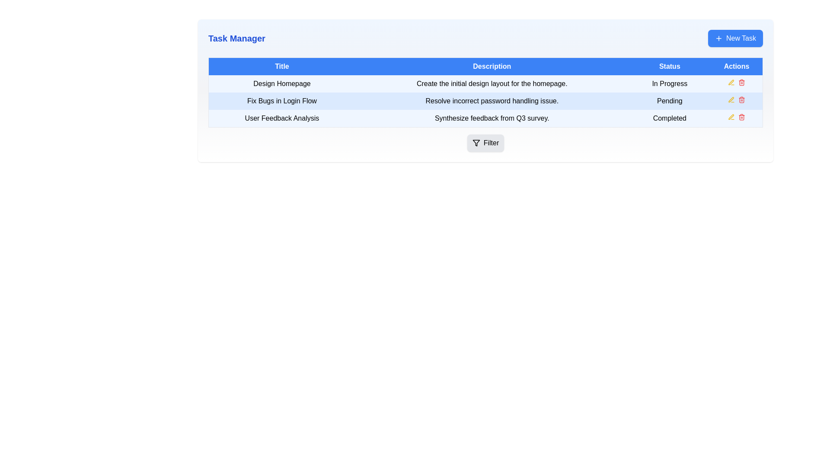 Image resolution: width=830 pixels, height=467 pixels. Describe the element at coordinates (730, 99) in the screenshot. I see `the pen icon button in the 'Actions' column of the second row corresponding to the task 'Fix Bugs in Login Flow' to initiate task editing` at that location.